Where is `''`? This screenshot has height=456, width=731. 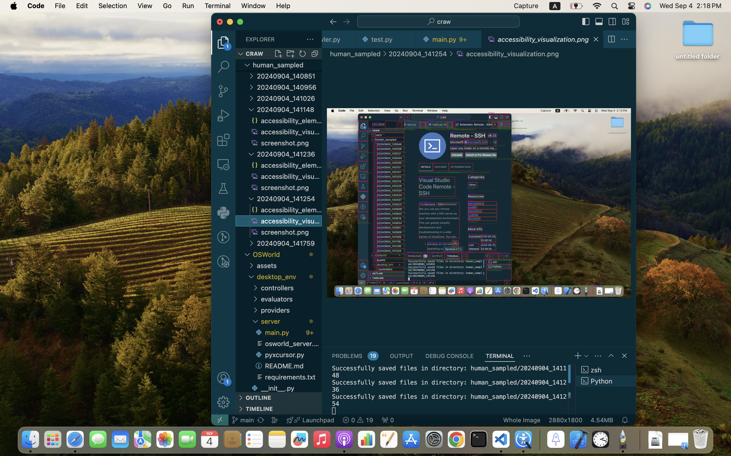 '' is located at coordinates (612, 21).